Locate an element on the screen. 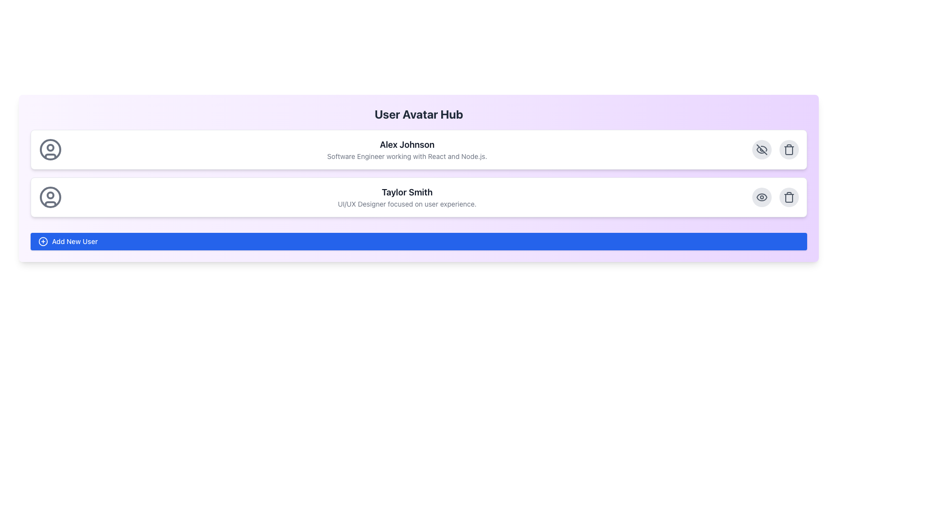 This screenshot has width=933, height=525. the visibility toggle button located on the far-right of the user panel displaying Alex Johnson's name and title 'Software Engineer working with React and Node.js.' is located at coordinates (761, 150).